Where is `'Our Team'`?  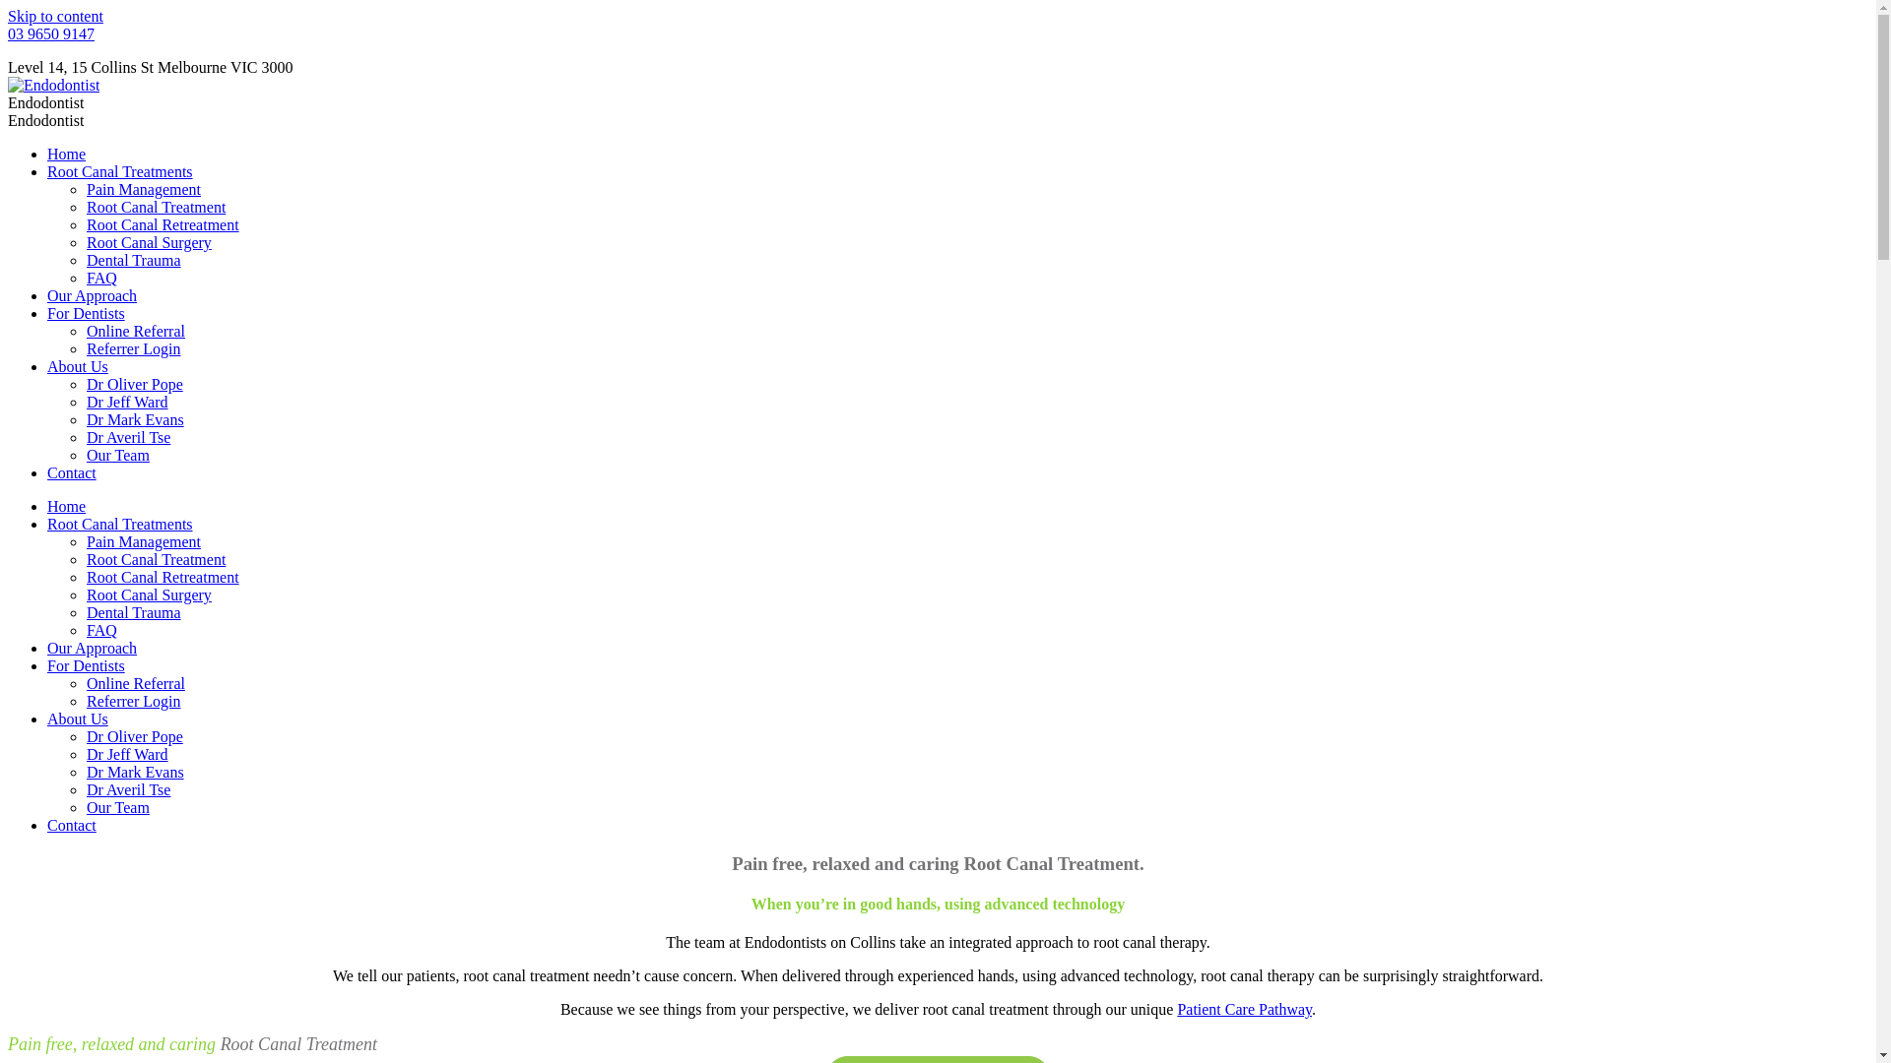
'Our Team' is located at coordinates (117, 455).